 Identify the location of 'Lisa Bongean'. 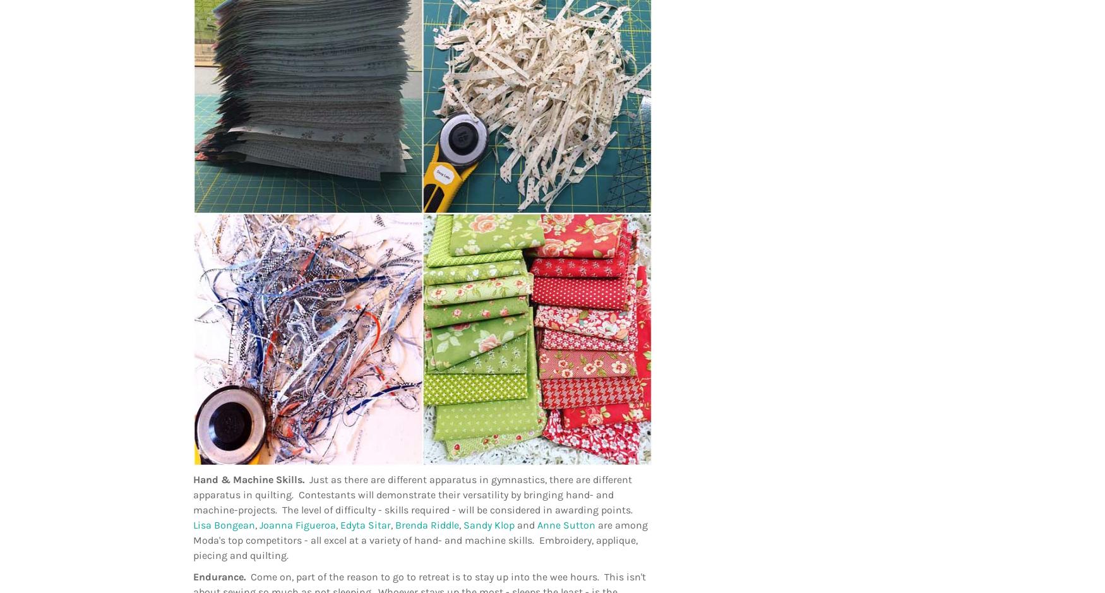
(224, 525).